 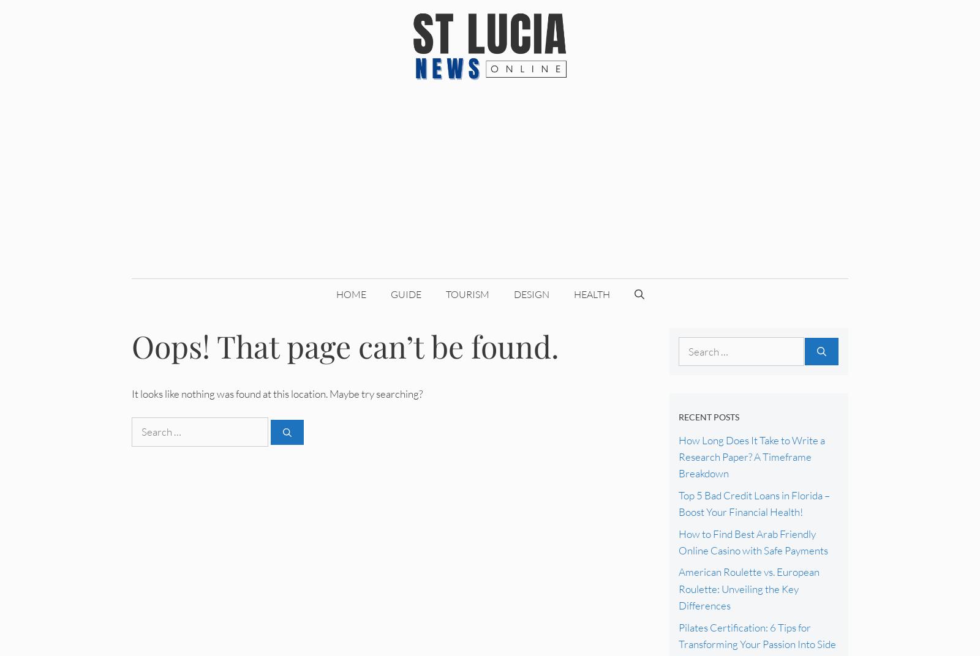 What do you see at coordinates (132, 345) in the screenshot?
I see `'Oops! That page can’t be found.'` at bounding box center [132, 345].